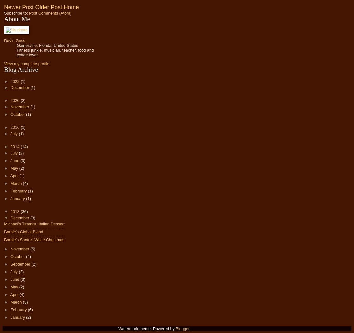 The height and width of the screenshot is (333, 354). I want to click on 'Barnie's Global Blend', so click(4, 232).